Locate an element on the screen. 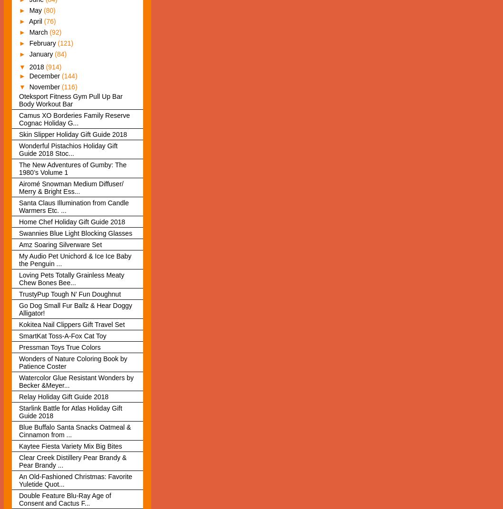 This screenshot has width=503, height=509. 'SmartKat Toss-A-Fox Cat Toy' is located at coordinates (62, 336).